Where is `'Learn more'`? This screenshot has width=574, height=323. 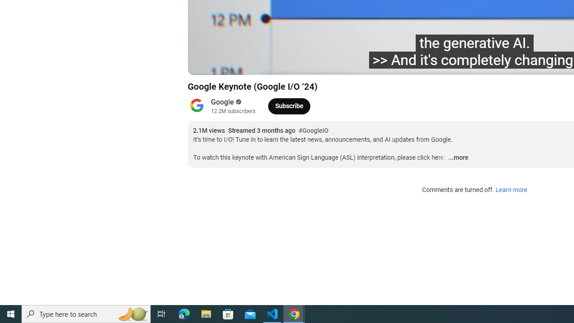 'Learn more' is located at coordinates (511, 190).